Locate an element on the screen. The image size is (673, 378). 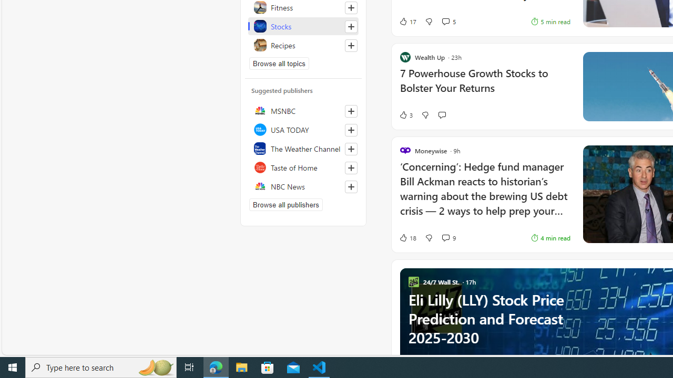
'3 Like' is located at coordinates (405, 115).